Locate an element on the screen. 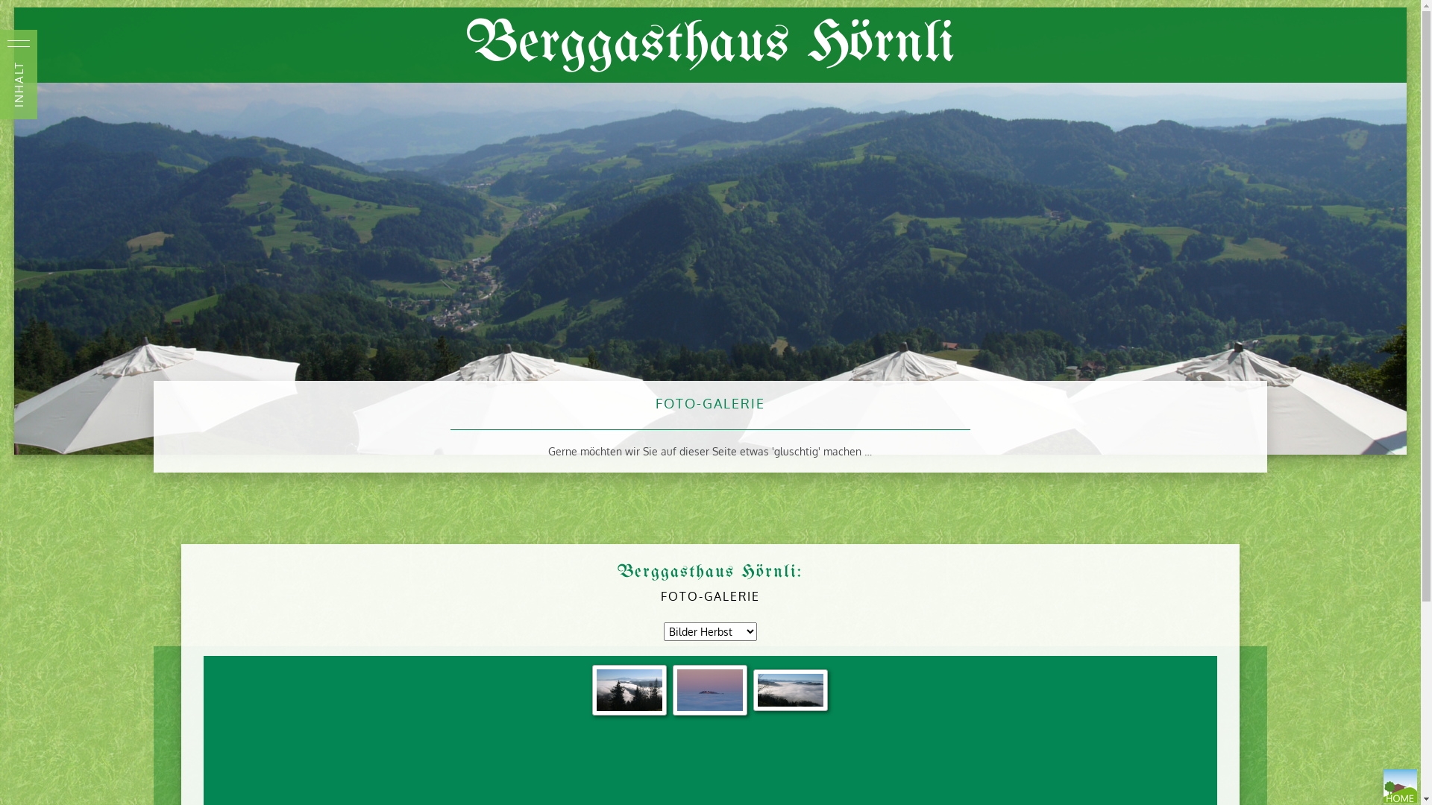  'Bild gross ansehen' is located at coordinates (790, 689).